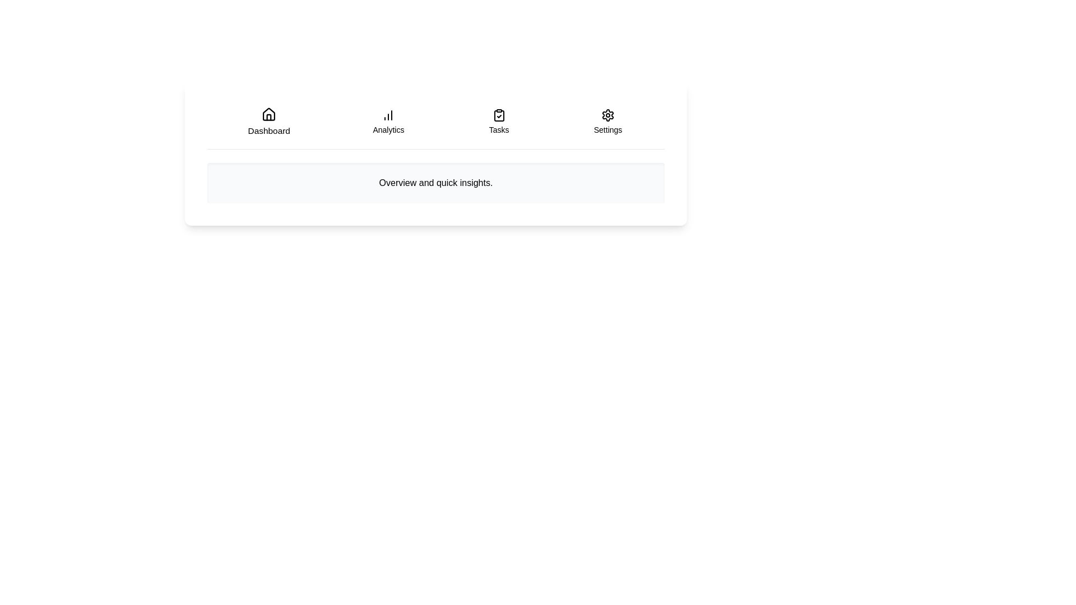  What do you see at coordinates (435, 183) in the screenshot?
I see `text displayed in the Text label that says 'Overview and quick insights.' which is centrally aligned beneath the main navigation section` at bounding box center [435, 183].